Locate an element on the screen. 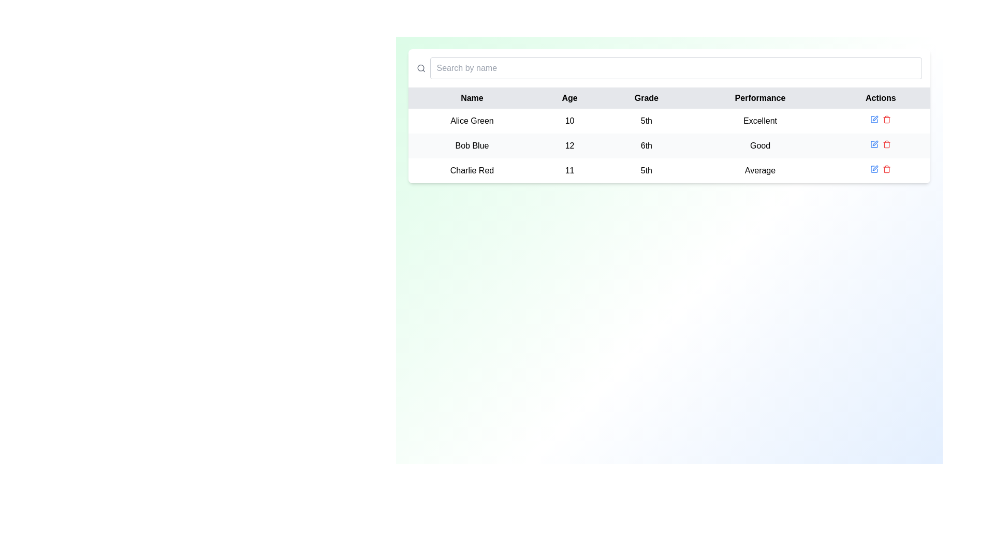 This screenshot has width=994, height=559. the non-interactive label representing the name of a person in the first data row of the table under the 'Name' header is located at coordinates (472, 121).